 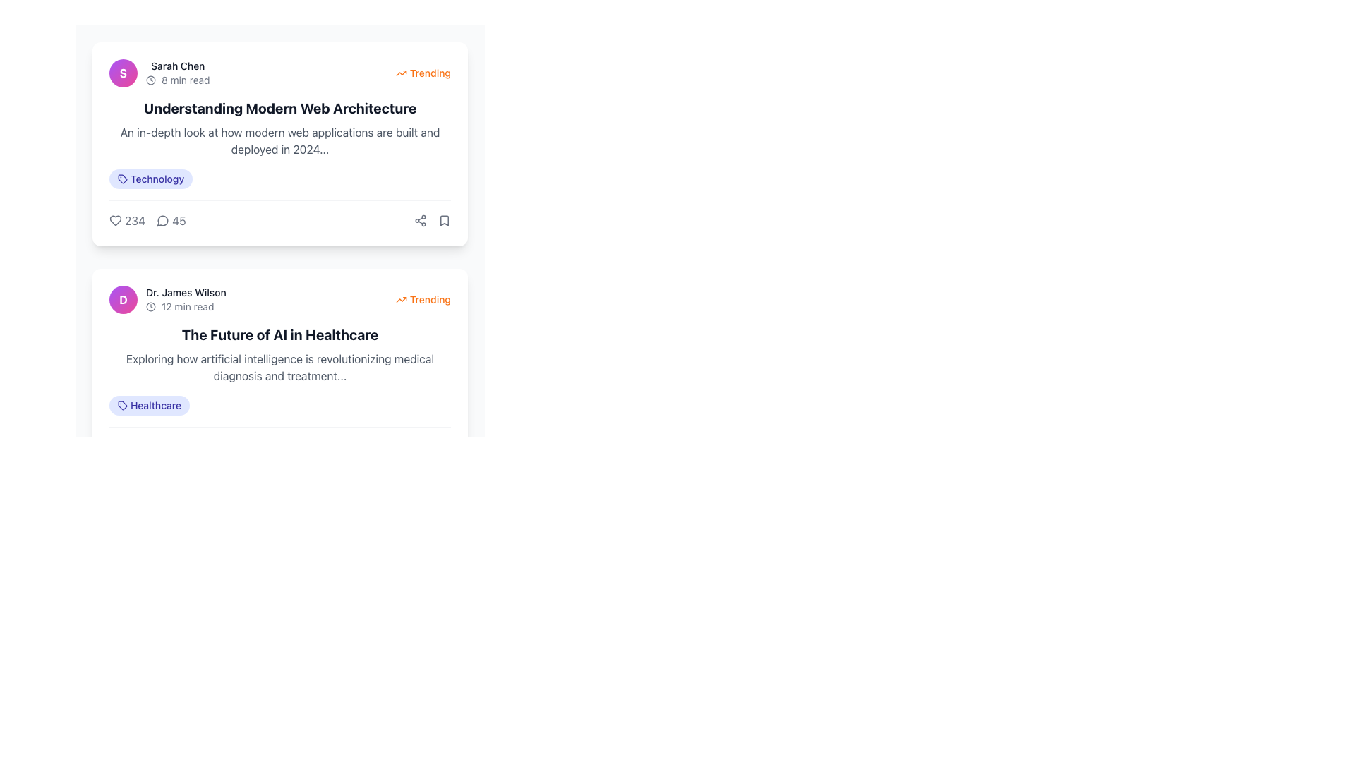 I want to click on the interactive text element displaying the number of comments associated with the post, so click(x=170, y=220).